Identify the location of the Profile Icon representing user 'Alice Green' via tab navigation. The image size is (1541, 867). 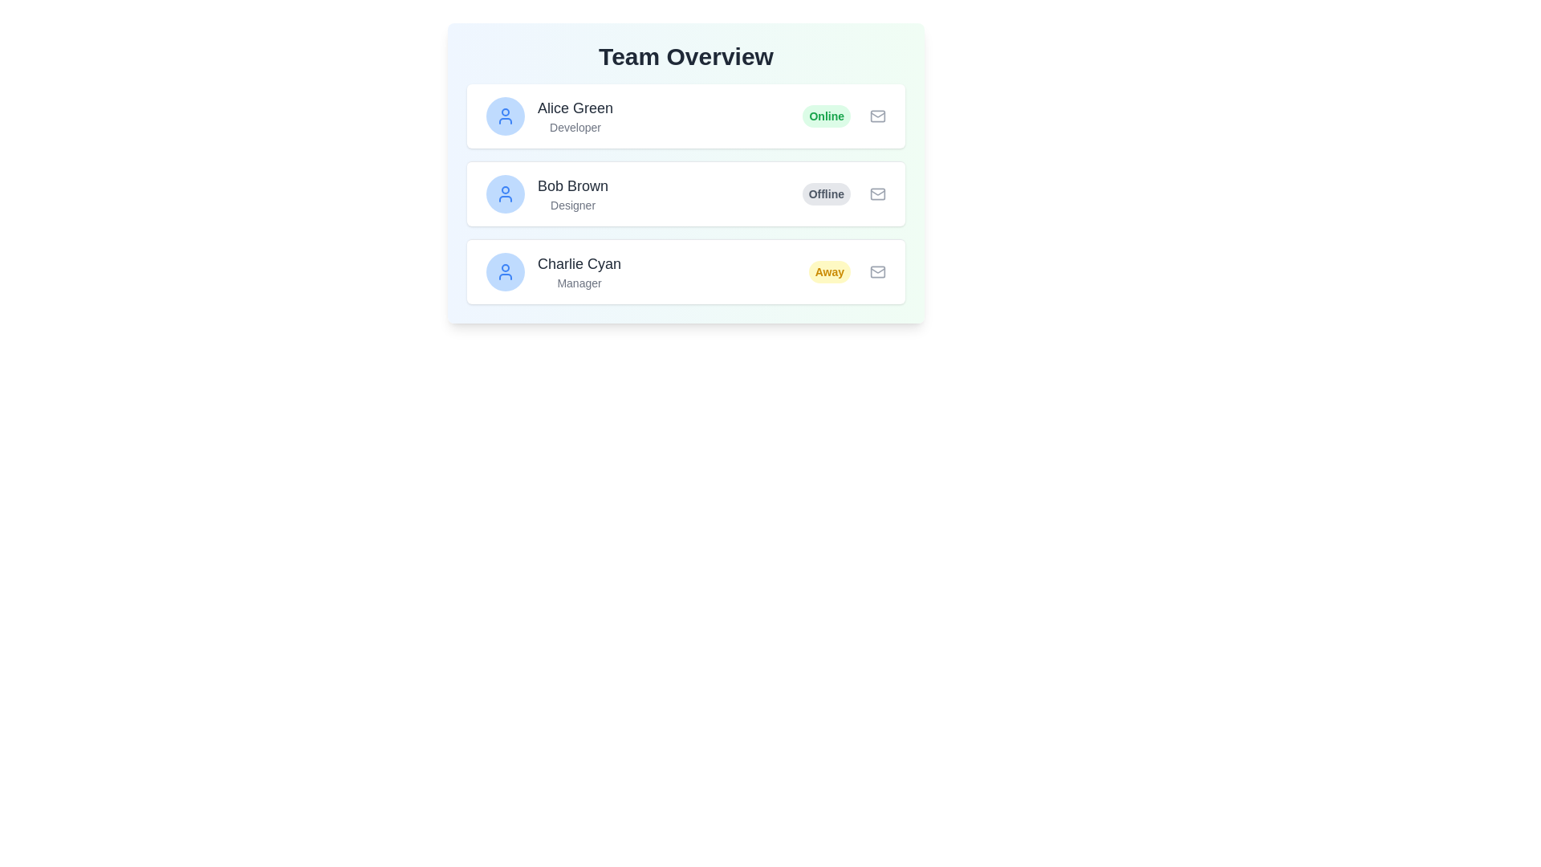
(504, 116).